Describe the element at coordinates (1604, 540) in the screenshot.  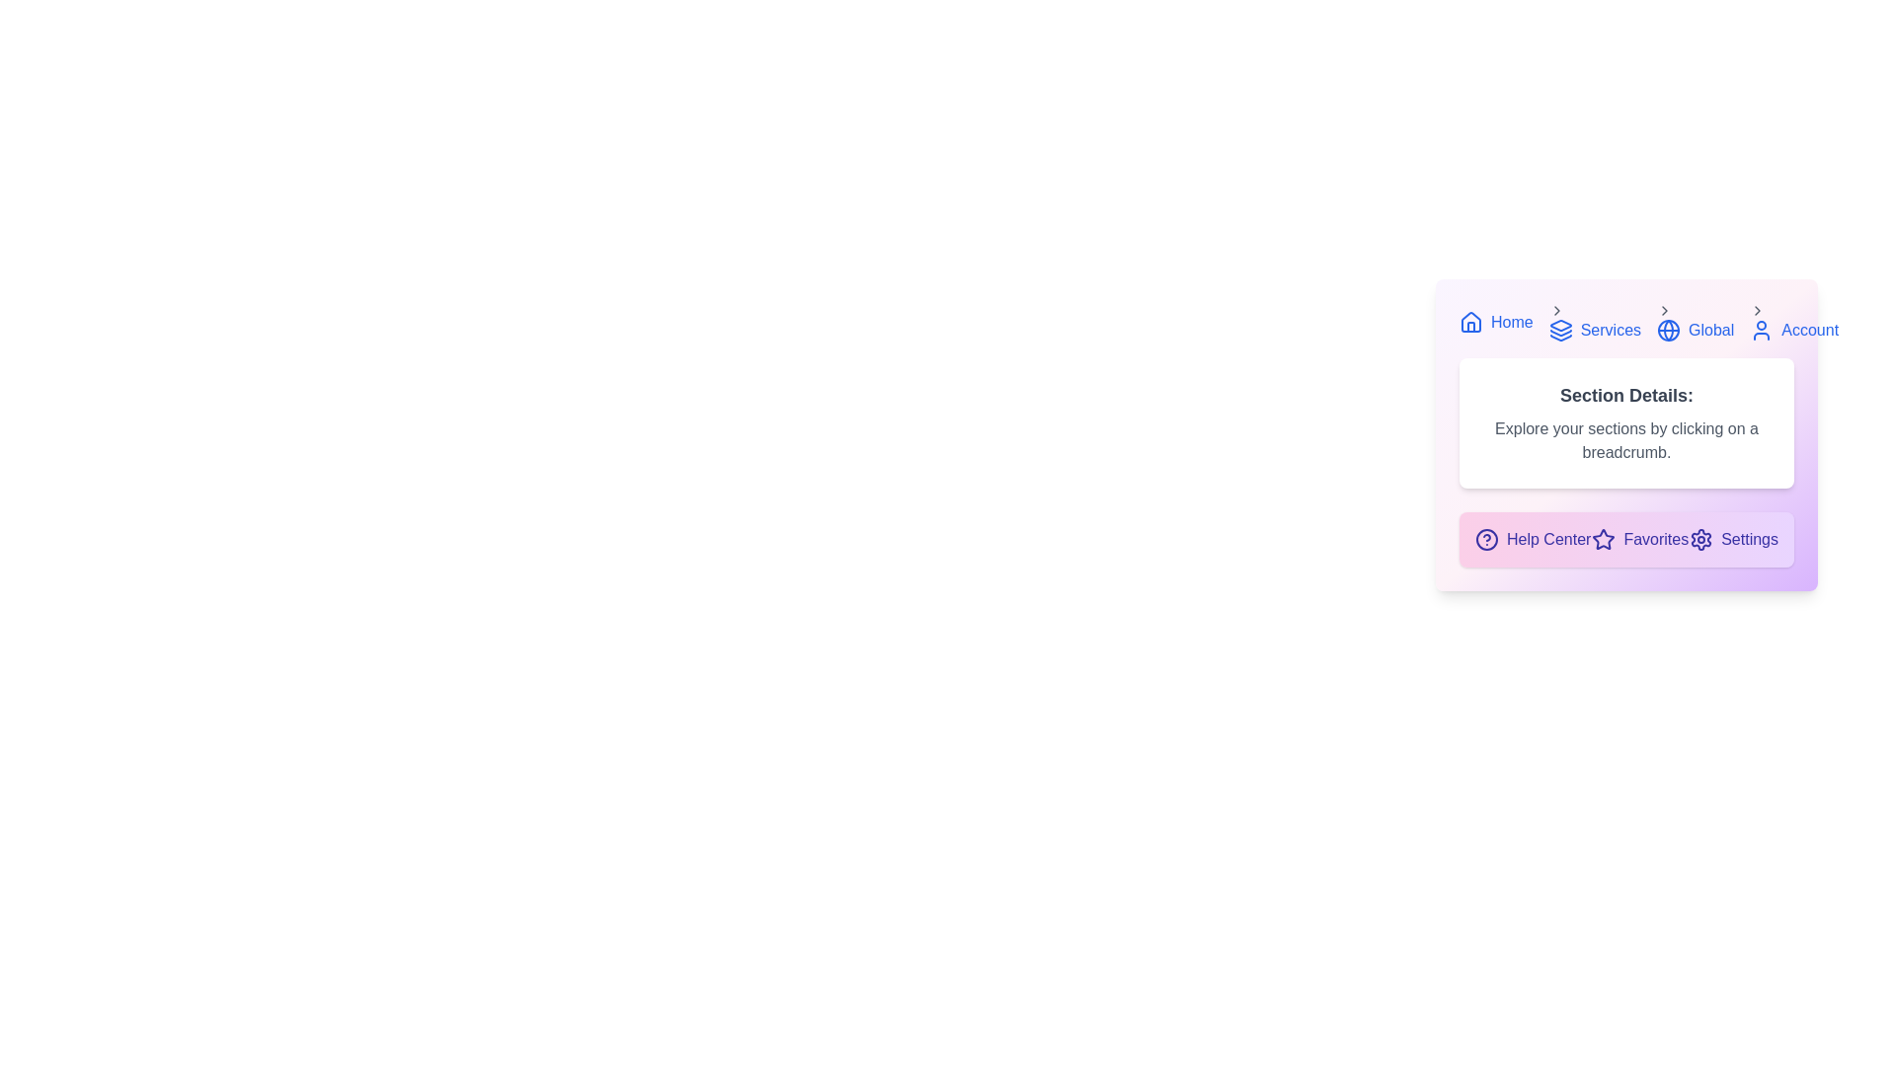
I see `the star icon with a hollow center and bold purple outline in the 'Favorites' menu` at that location.